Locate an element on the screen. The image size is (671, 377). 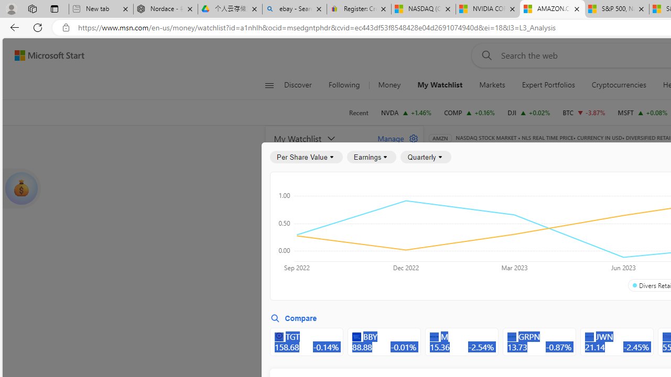
'Earnings' is located at coordinates (371, 157).